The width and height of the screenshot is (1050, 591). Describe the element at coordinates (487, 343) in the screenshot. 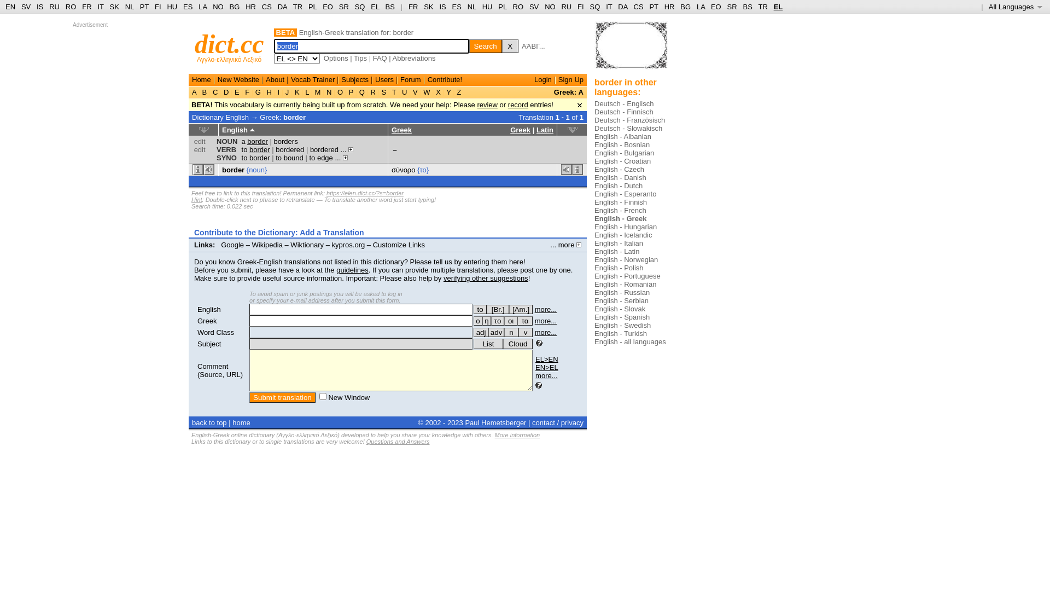

I see `'List'` at that location.